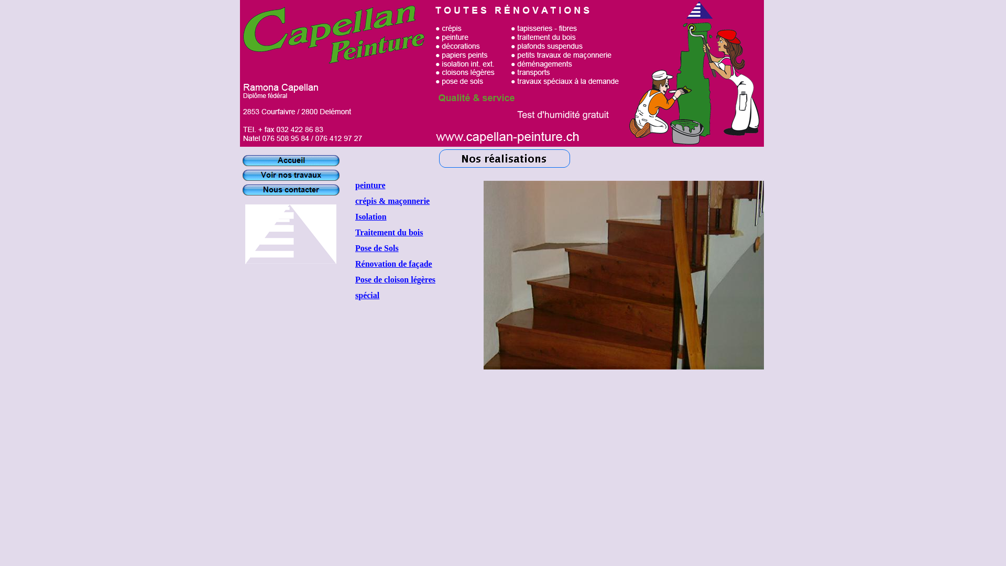  I want to click on 'Isolation', so click(371, 216).